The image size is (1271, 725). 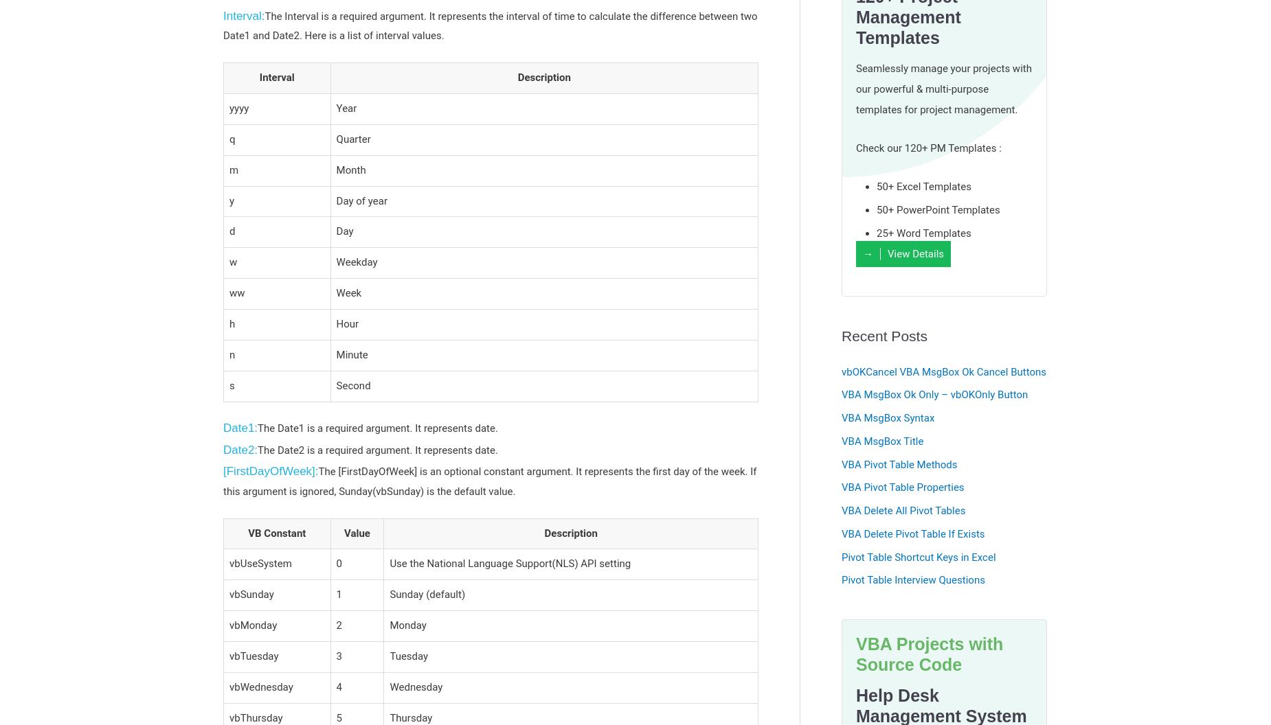 I want to click on 'The [FirstDayOfWeek] is an optional constant argument. It represents the first day of the week. If this argument is ignored, Sunday(vbSunday) is the default value.', so click(x=489, y=481).